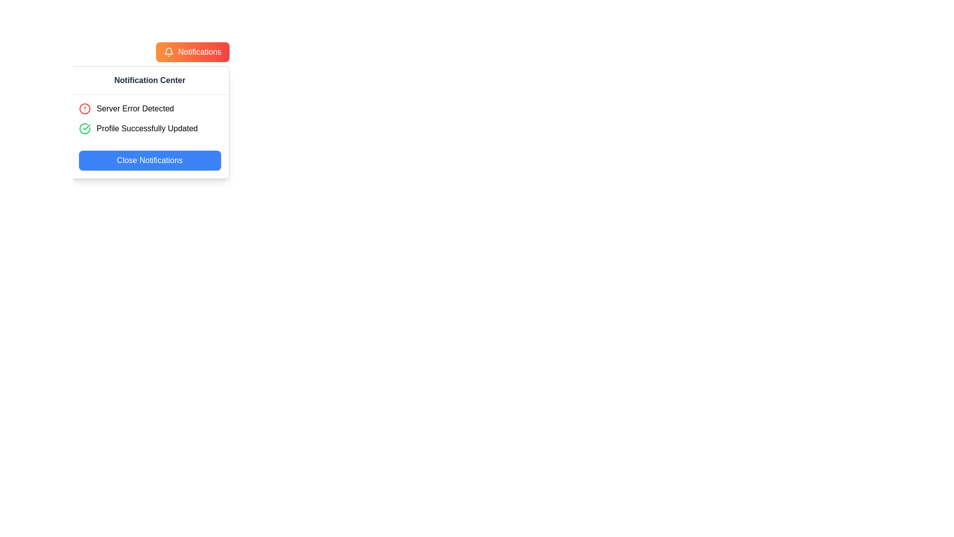 Image resolution: width=954 pixels, height=537 pixels. I want to click on the static text label that displays 'Profile Successfully Updated', which is styled with black text and aligned with a green checkmark icon to its left, so click(147, 128).